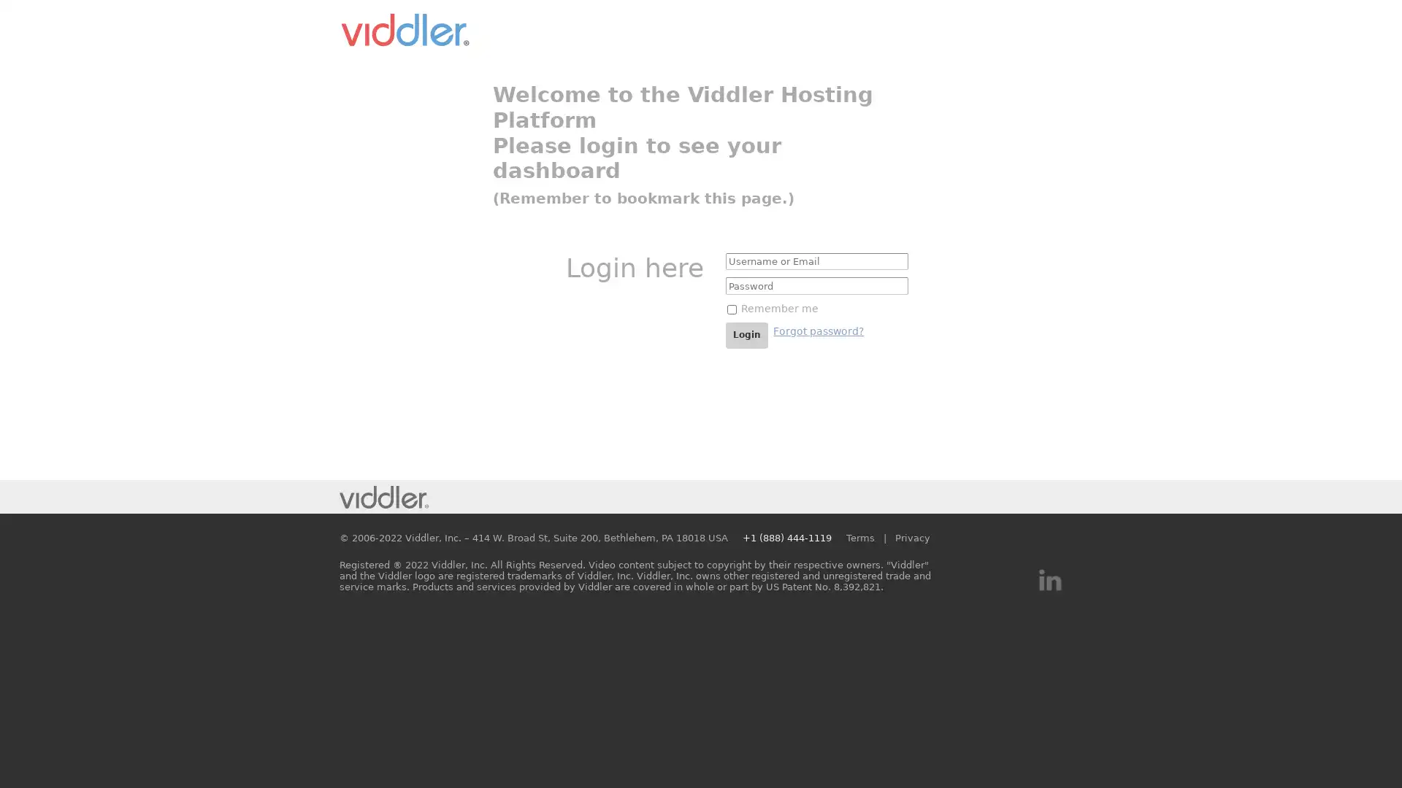  Describe the element at coordinates (746, 335) in the screenshot. I see `Login` at that location.